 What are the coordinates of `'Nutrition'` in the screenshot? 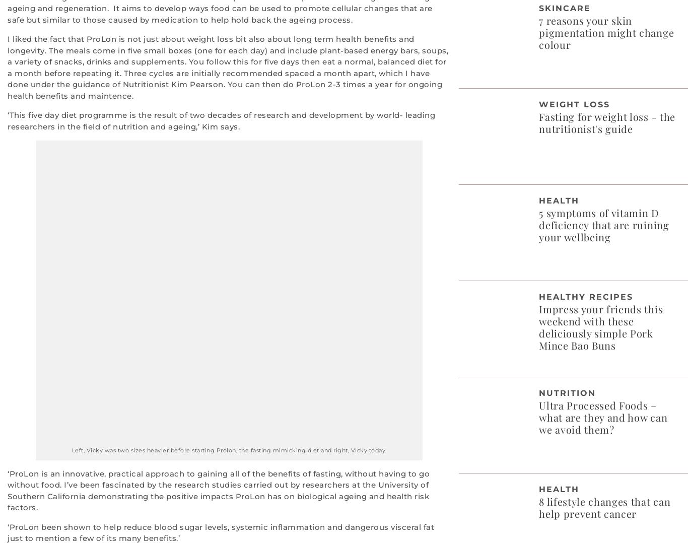 It's located at (567, 392).